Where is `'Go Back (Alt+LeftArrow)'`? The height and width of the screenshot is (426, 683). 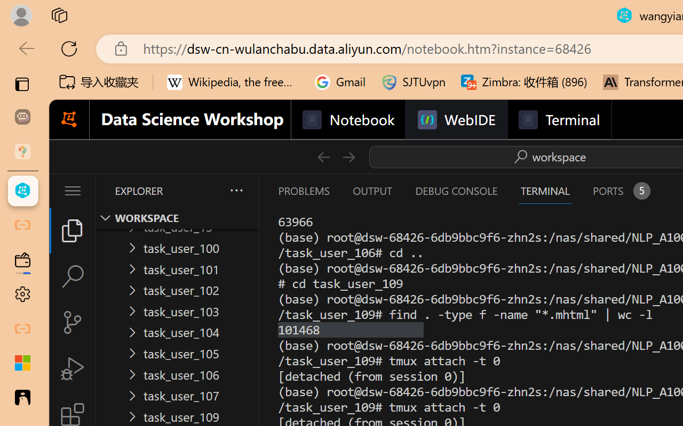 'Go Back (Alt+LeftArrow)' is located at coordinates (323, 157).